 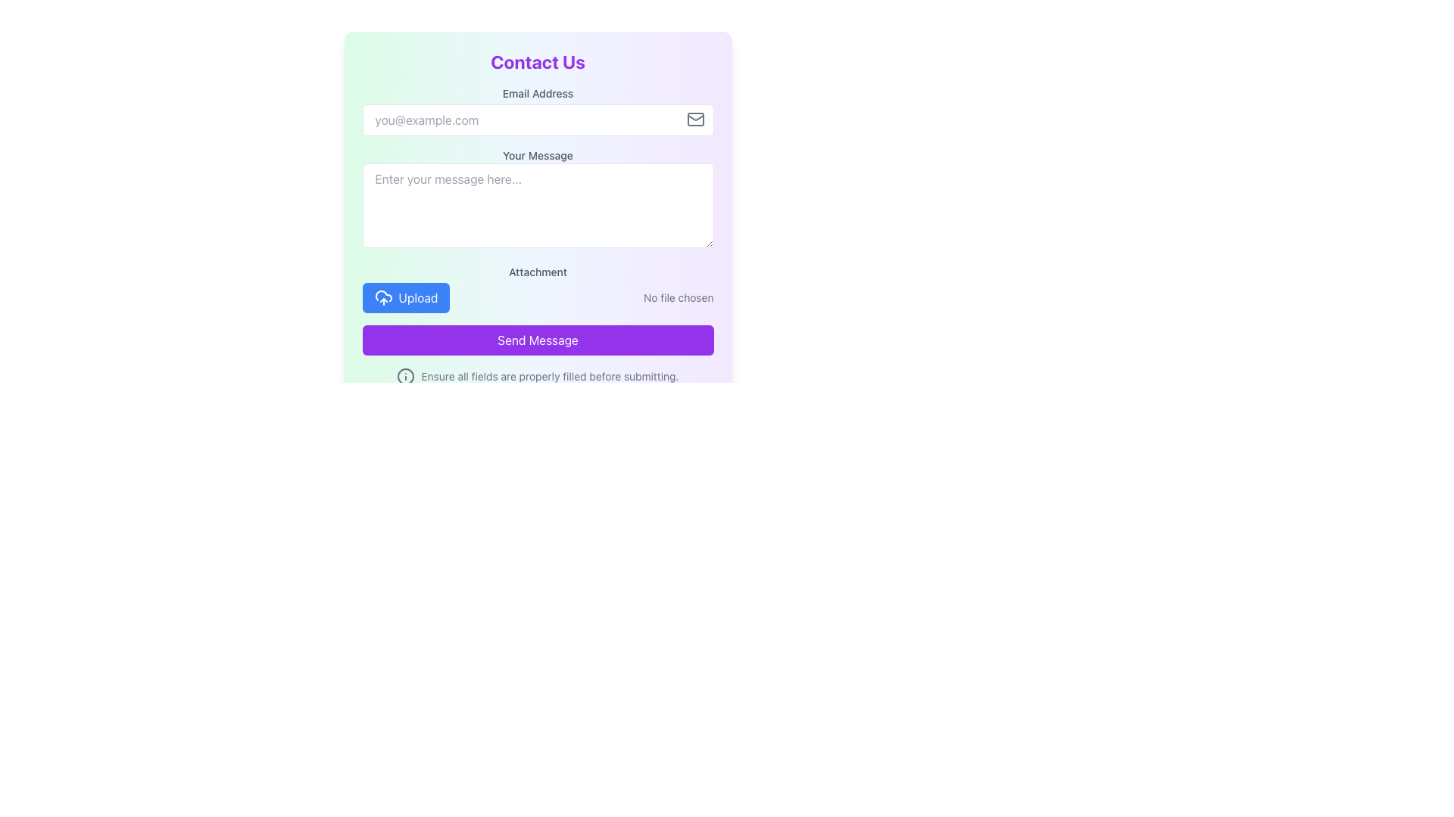 I want to click on the 'Upload' button in the File upload section, which is located beneath the 'Your Message' input field and above the 'Send Message' button, so click(x=538, y=288).